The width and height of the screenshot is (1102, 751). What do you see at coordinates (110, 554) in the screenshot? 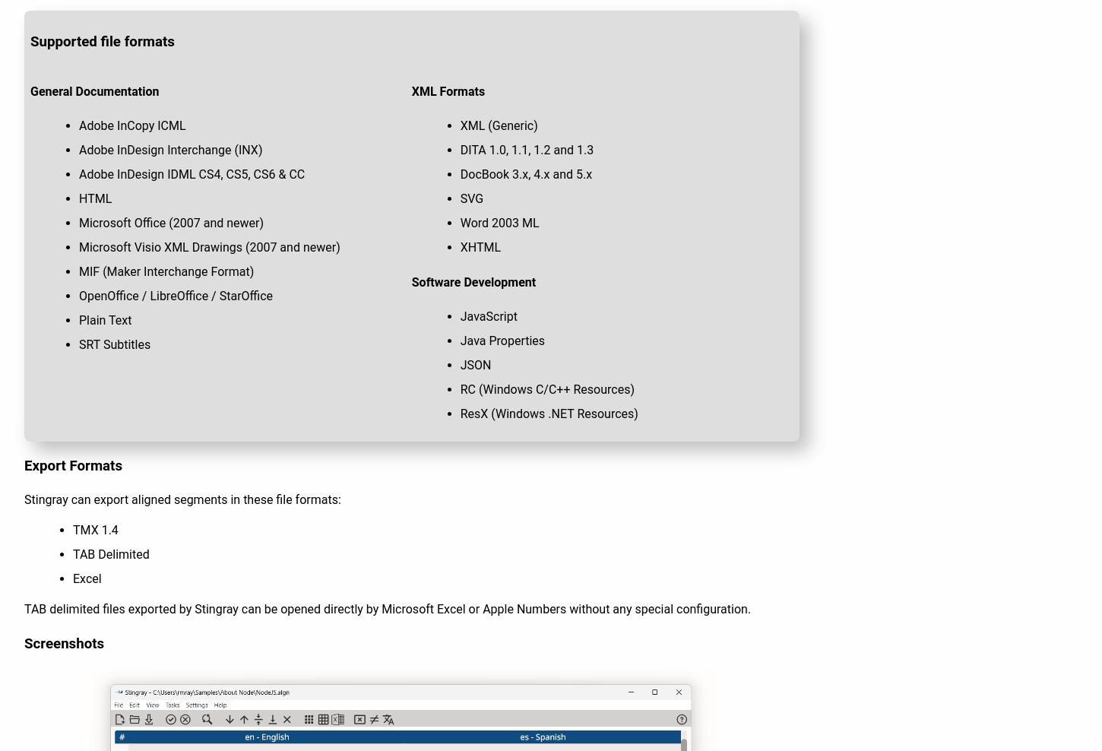
I see `'TAB Delimited'` at bounding box center [110, 554].